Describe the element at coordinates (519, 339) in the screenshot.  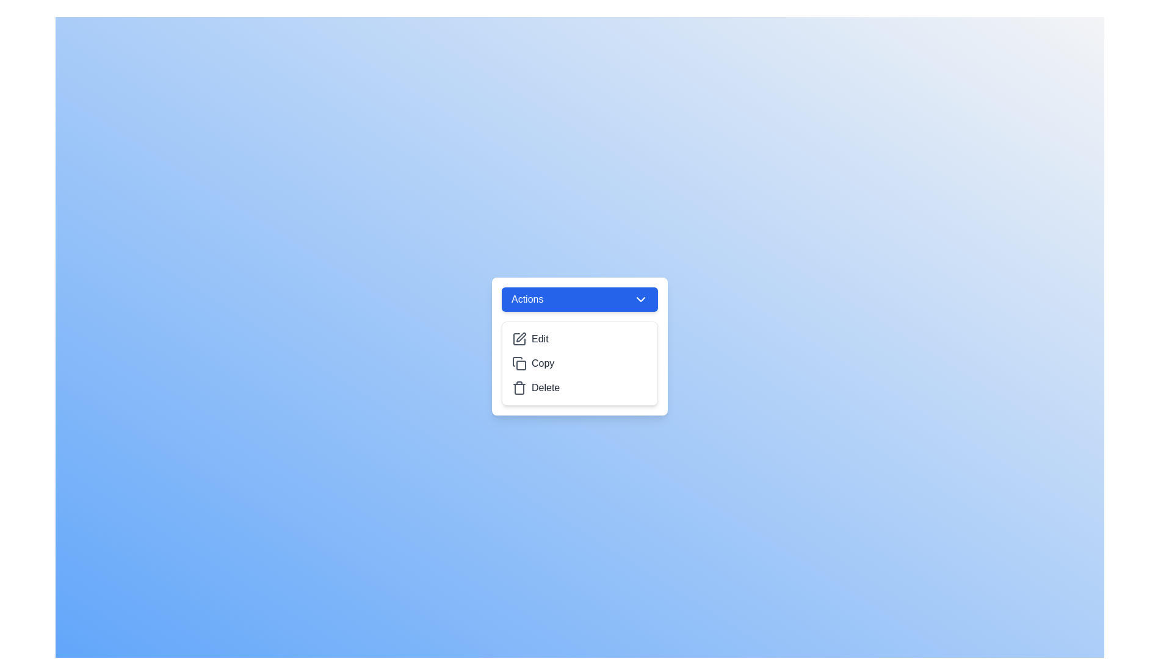
I see `the visual representation of the 'Edit' icon located within the dropdown menu under the 'Actions' button, which is aligned with the first option 'Edit'` at that location.